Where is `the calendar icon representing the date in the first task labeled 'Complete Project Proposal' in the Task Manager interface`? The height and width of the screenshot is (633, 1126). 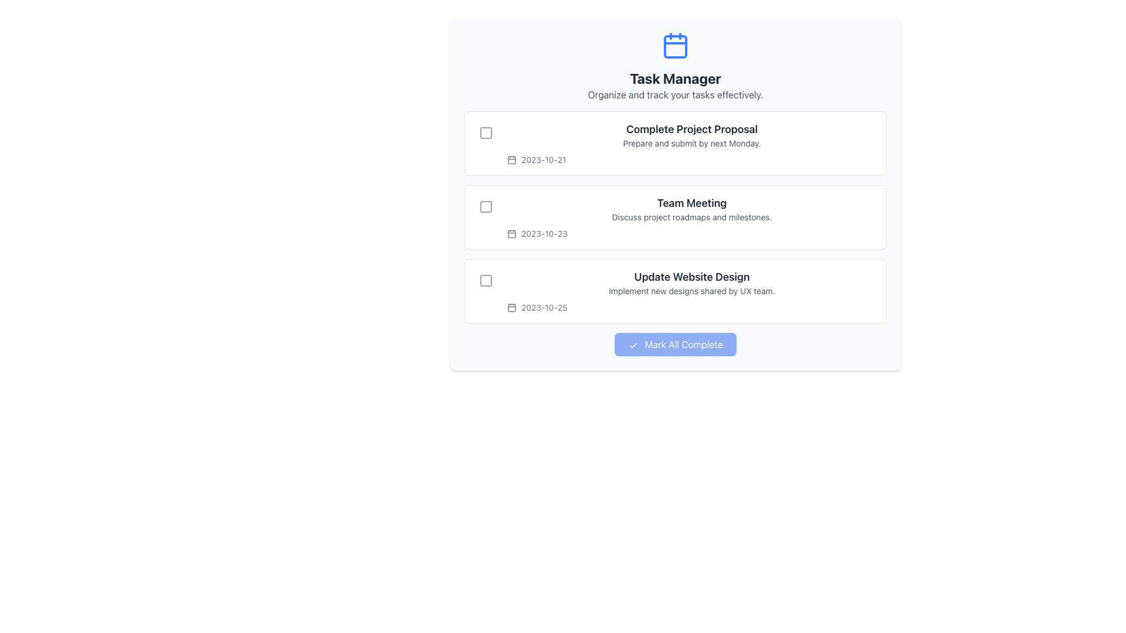
the calendar icon representing the date in the first task labeled 'Complete Project Proposal' in the Task Manager interface is located at coordinates (512, 160).